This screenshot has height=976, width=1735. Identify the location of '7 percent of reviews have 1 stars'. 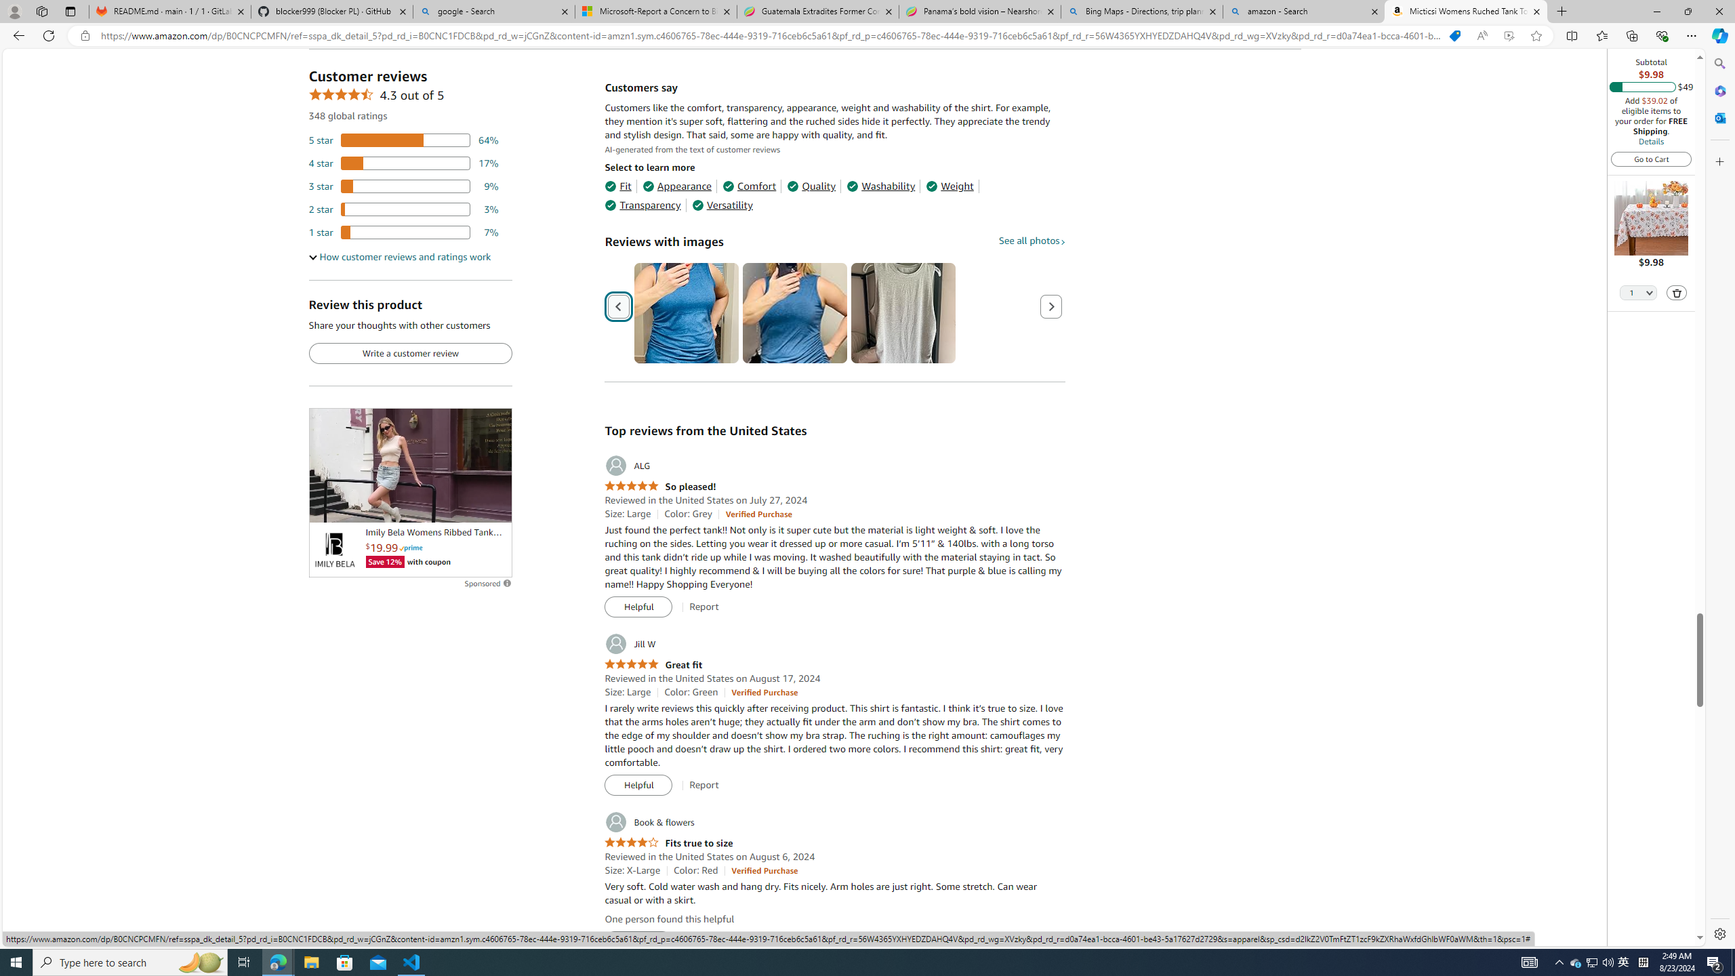
(403, 232).